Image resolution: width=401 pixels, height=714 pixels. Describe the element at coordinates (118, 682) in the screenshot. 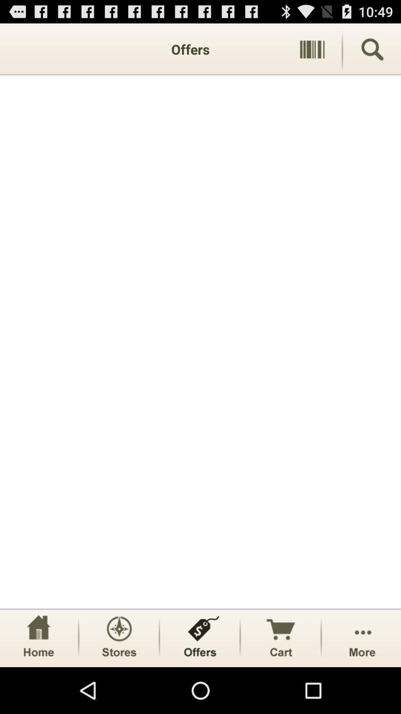

I see `the time icon` at that location.